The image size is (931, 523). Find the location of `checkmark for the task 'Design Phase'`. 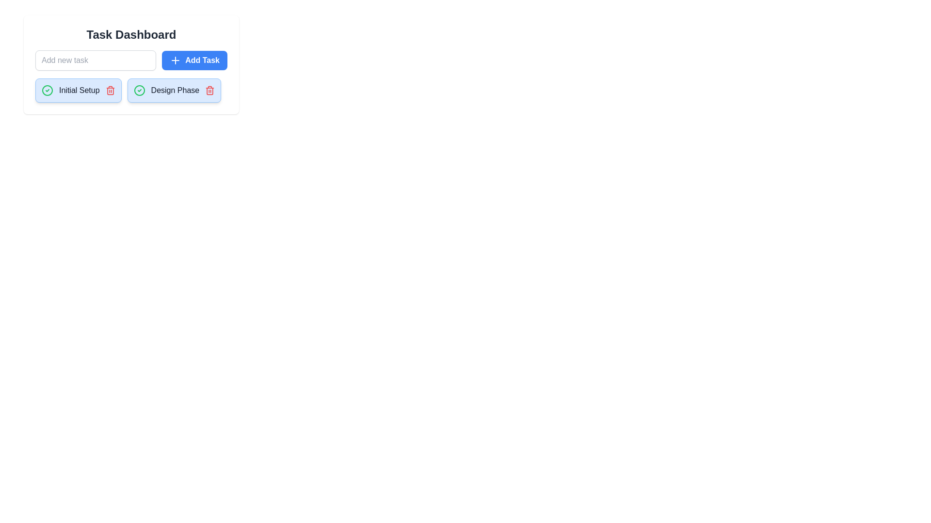

checkmark for the task 'Design Phase' is located at coordinates (139, 90).